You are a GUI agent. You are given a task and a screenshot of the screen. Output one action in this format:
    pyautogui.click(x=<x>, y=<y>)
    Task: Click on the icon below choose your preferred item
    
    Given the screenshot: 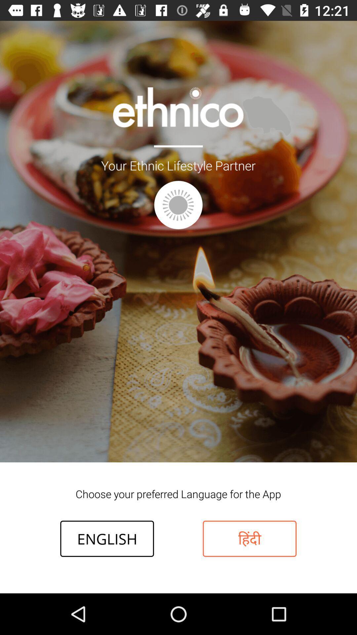 What is the action you would take?
    pyautogui.click(x=107, y=538)
    